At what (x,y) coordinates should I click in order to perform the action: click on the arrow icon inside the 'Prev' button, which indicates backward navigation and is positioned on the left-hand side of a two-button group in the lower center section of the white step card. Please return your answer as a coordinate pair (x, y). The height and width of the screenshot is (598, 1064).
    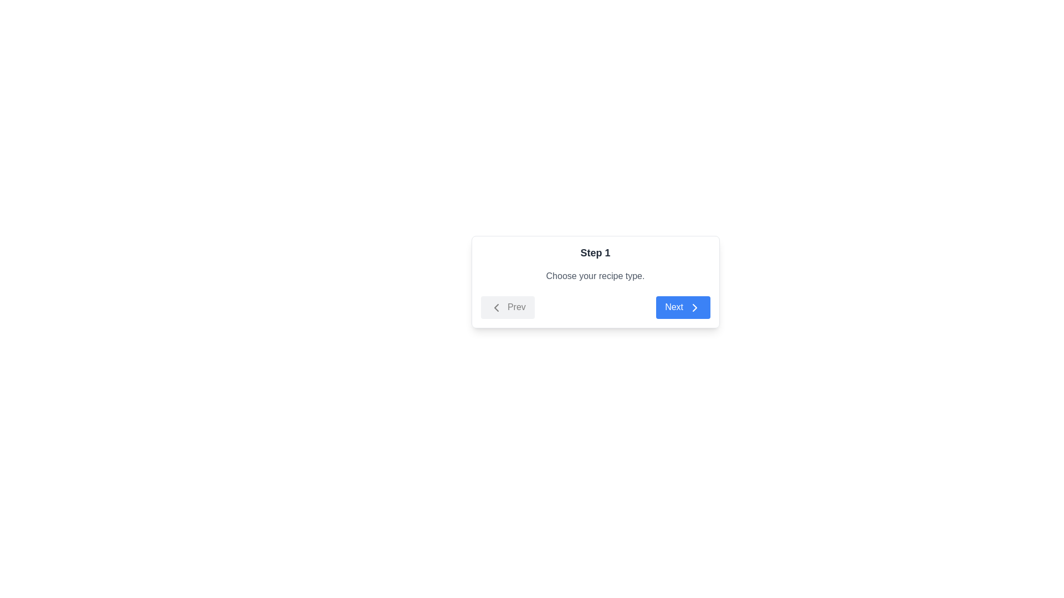
    Looking at the image, I should click on (495, 307).